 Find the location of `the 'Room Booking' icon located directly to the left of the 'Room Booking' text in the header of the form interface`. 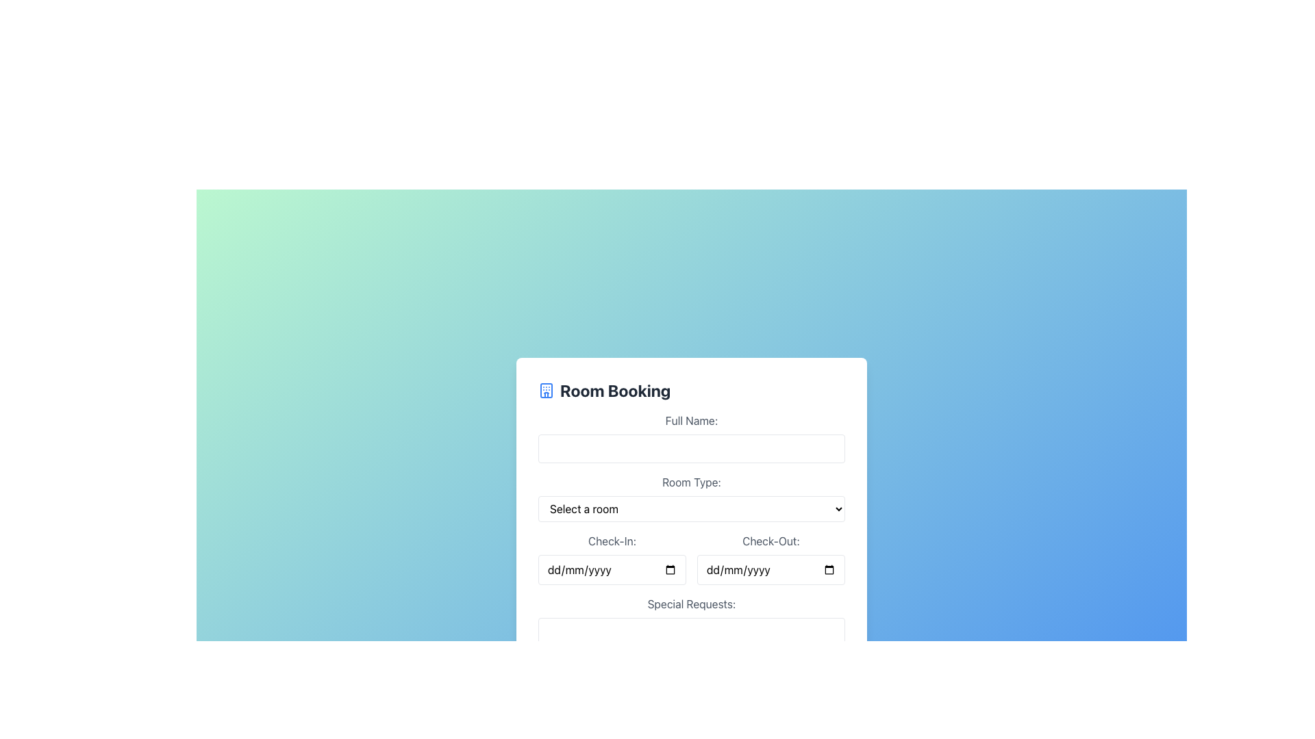

the 'Room Booking' icon located directly to the left of the 'Room Booking' text in the header of the form interface is located at coordinates (545, 390).